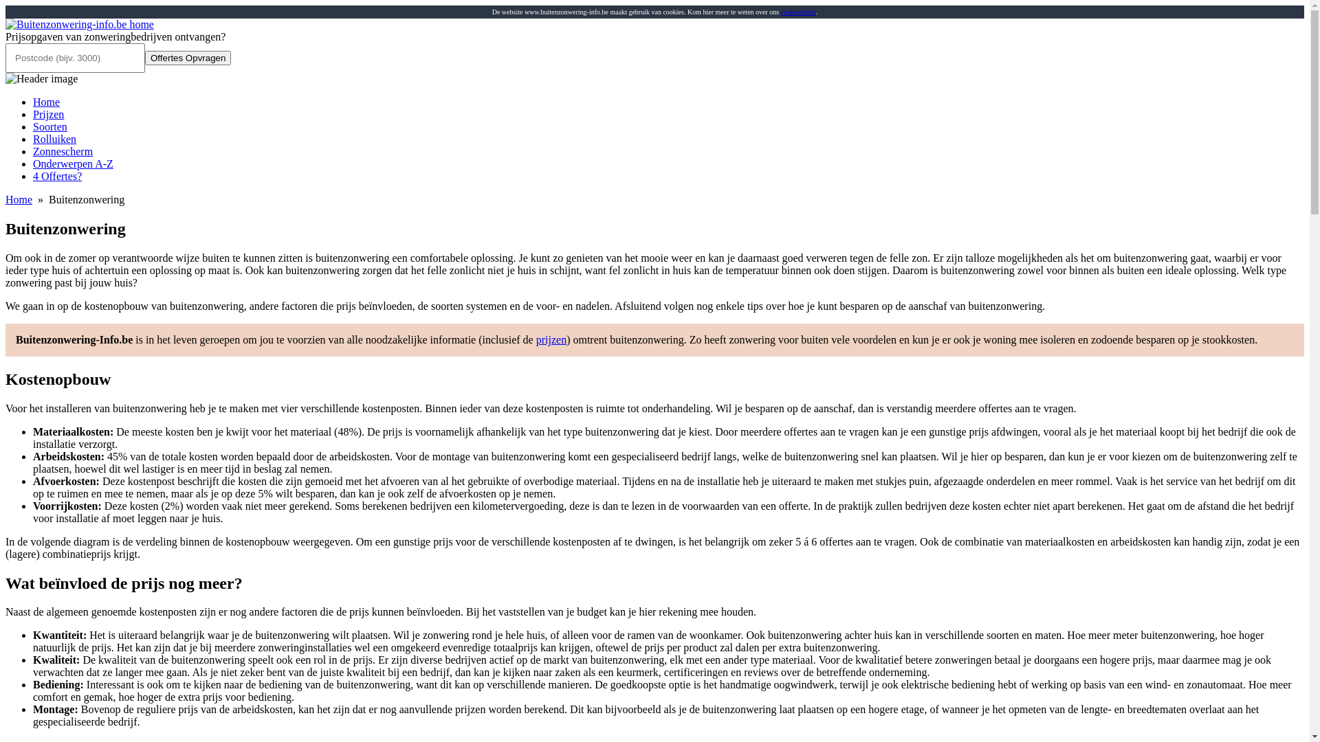 The width and height of the screenshot is (1320, 742). I want to click on 'Home', so click(46, 101).